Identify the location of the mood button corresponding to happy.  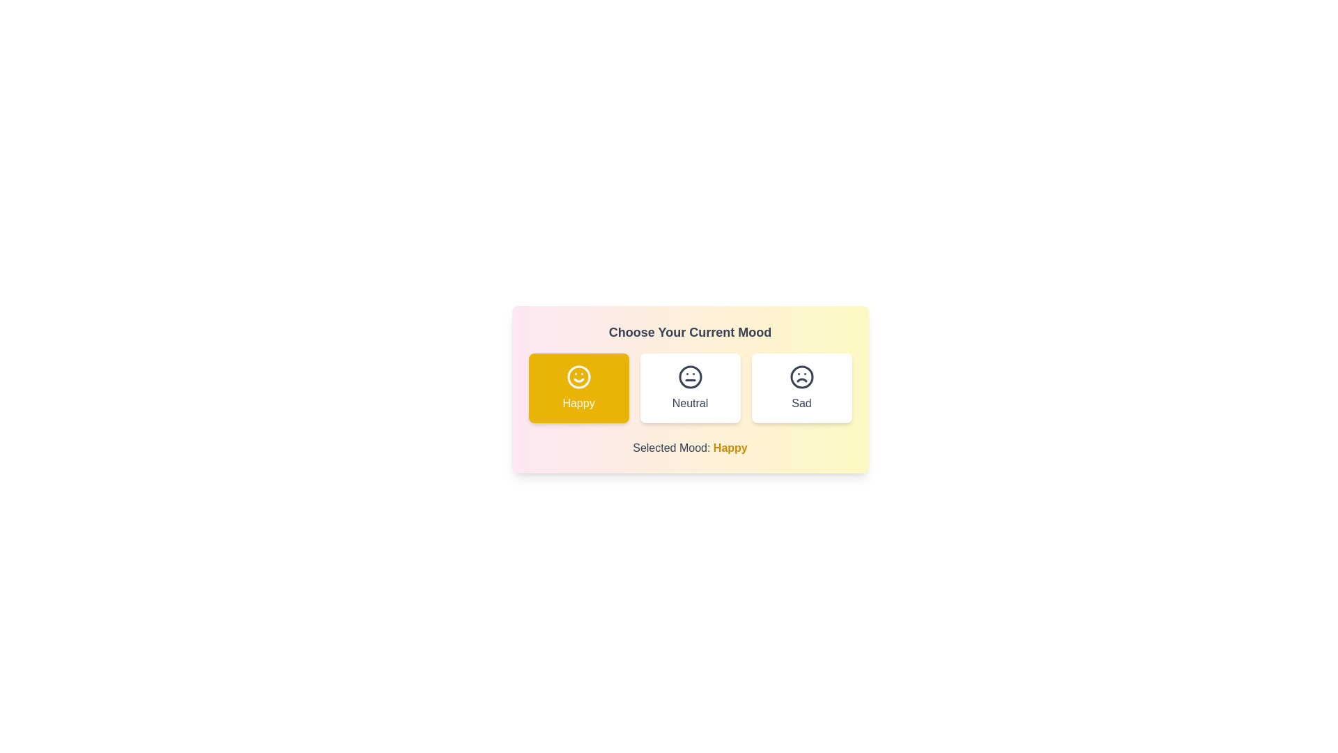
(578, 388).